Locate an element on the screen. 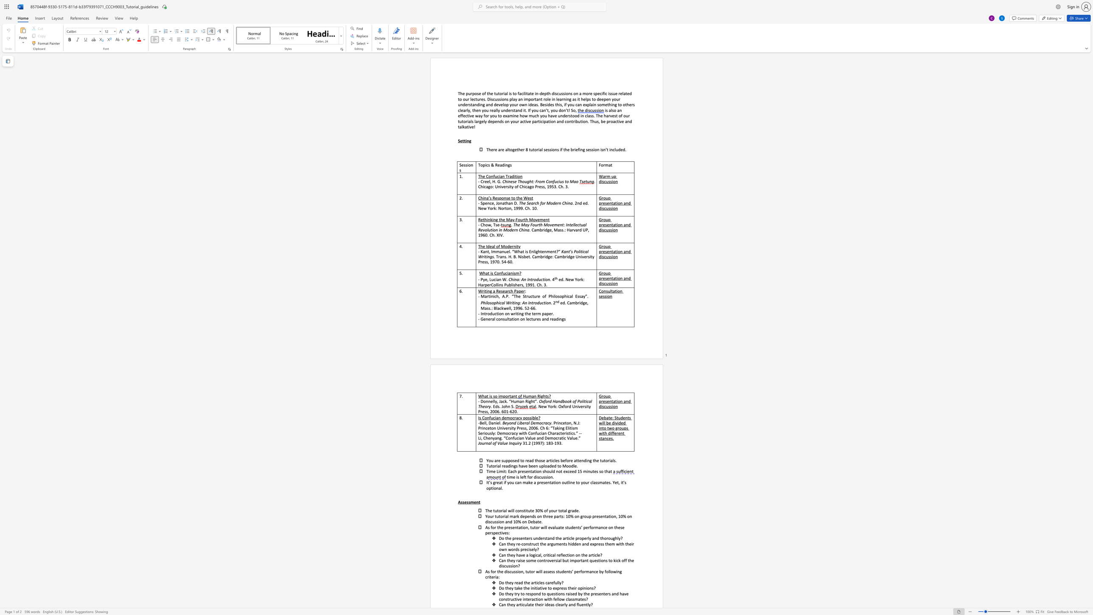  the subset text "e Confucian Traditi" within the text "The Confucian Tradition" is located at coordinates (482, 176).